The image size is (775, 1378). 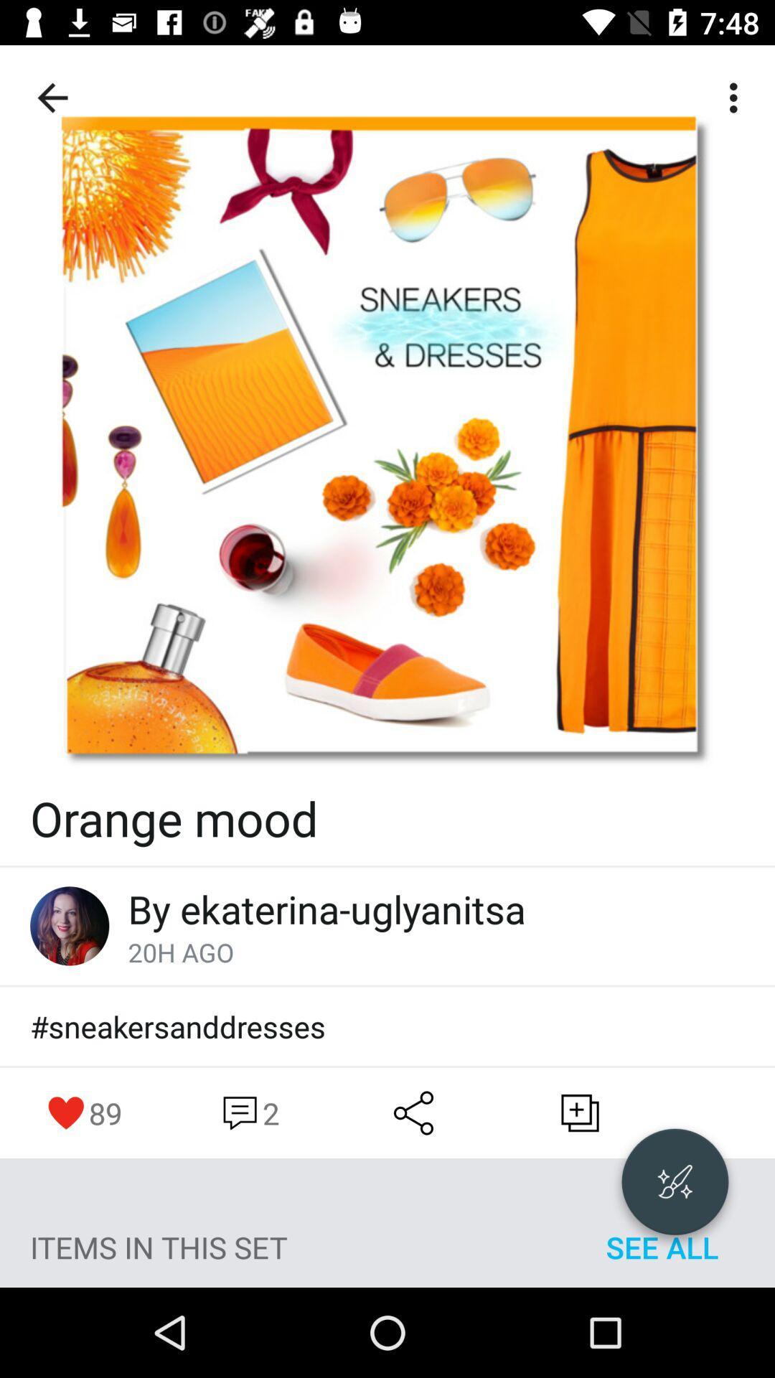 What do you see at coordinates (66, 1112) in the screenshot?
I see `move to left of 89` at bounding box center [66, 1112].